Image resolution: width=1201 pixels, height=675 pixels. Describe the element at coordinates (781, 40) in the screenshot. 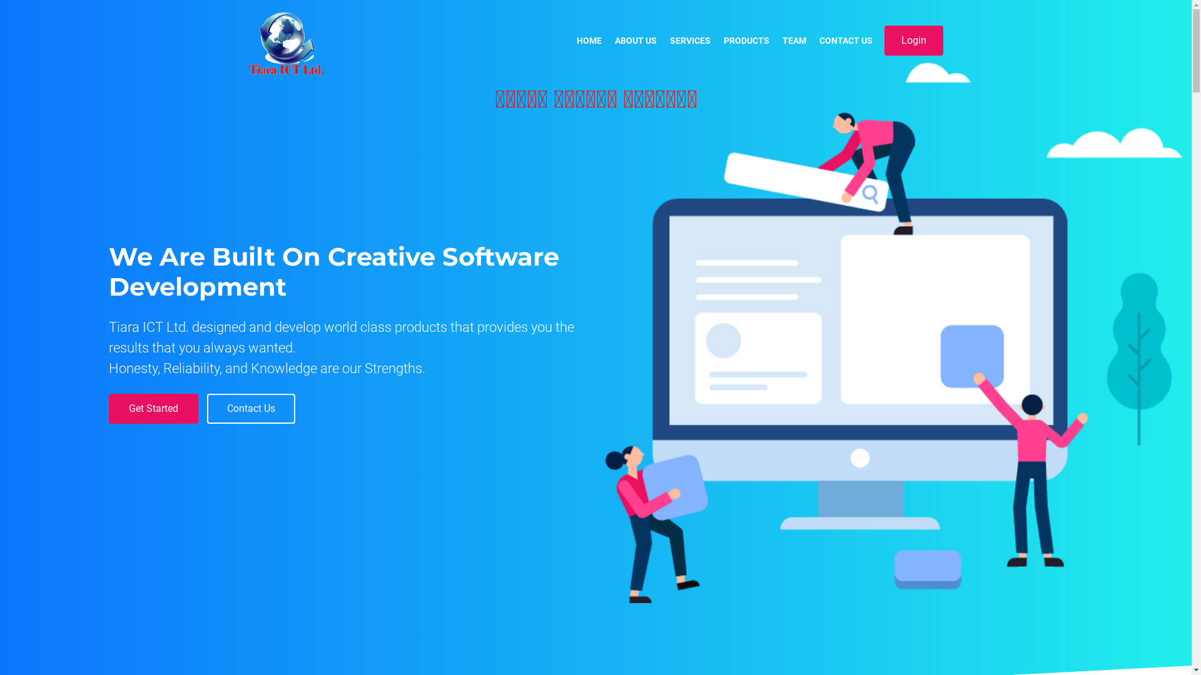

I see `'TEAM'` at that location.